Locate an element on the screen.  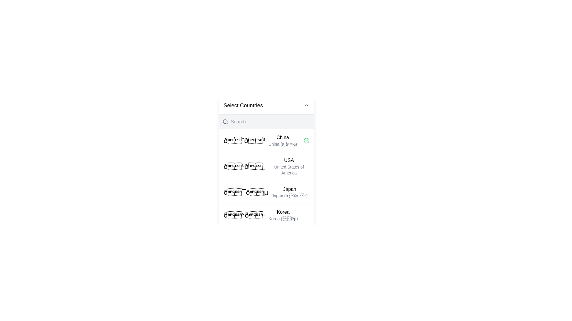
the Decorative flag icon (emoji) representing Korea is located at coordinates (244, 215).